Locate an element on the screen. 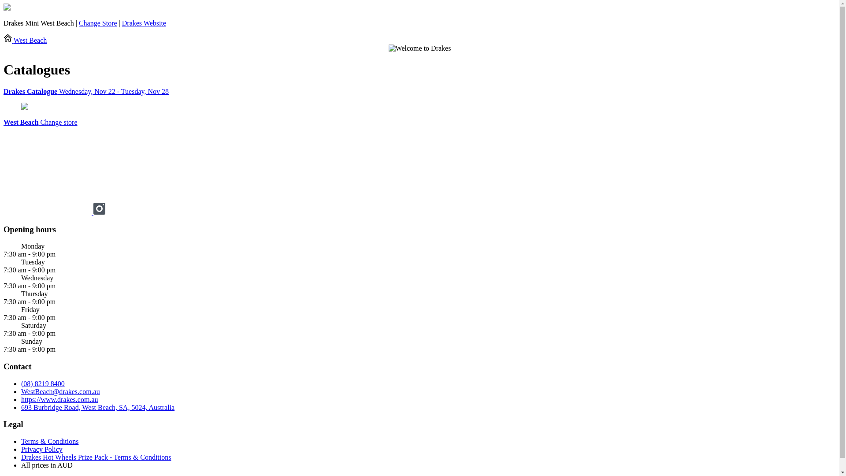 Image resolution: width=846 pixels, height=476 pixels. 'https://www.drakes.com.au' is located at coordinates (59, 399).